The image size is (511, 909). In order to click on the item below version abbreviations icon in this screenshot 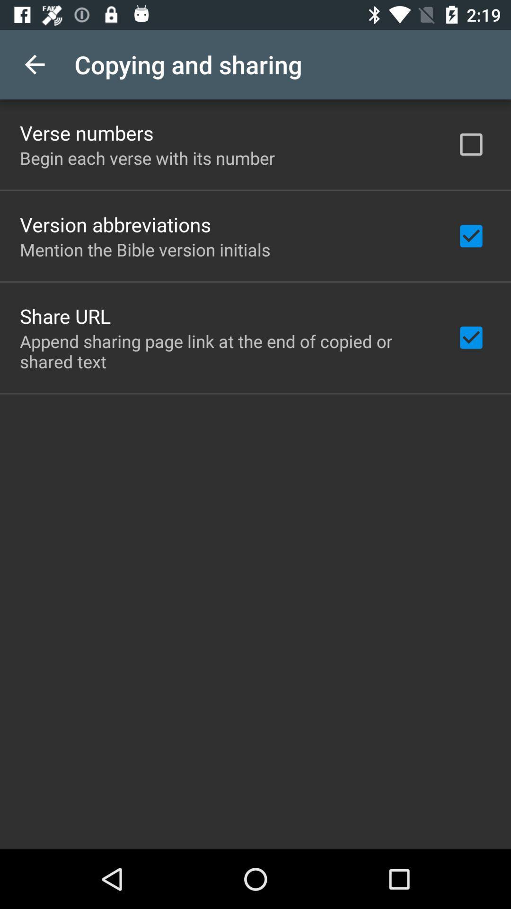, I will do `click(145, 250)`.